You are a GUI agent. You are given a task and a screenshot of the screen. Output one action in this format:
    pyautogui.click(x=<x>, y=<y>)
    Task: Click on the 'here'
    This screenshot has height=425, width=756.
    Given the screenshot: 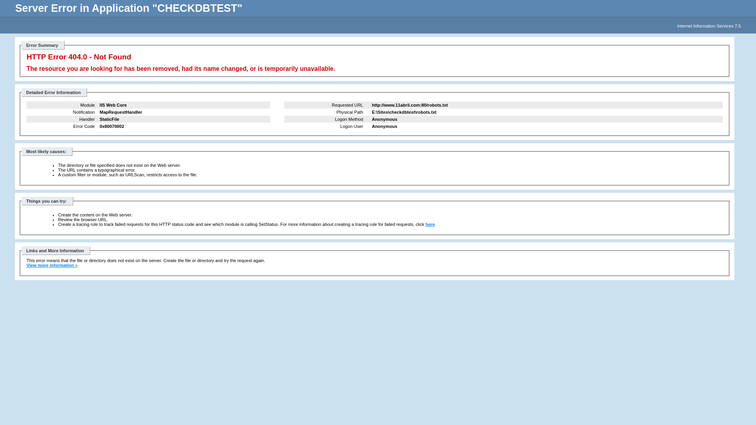 What is the action you would take?
    pyautogui.click(x=430, y=224)
    